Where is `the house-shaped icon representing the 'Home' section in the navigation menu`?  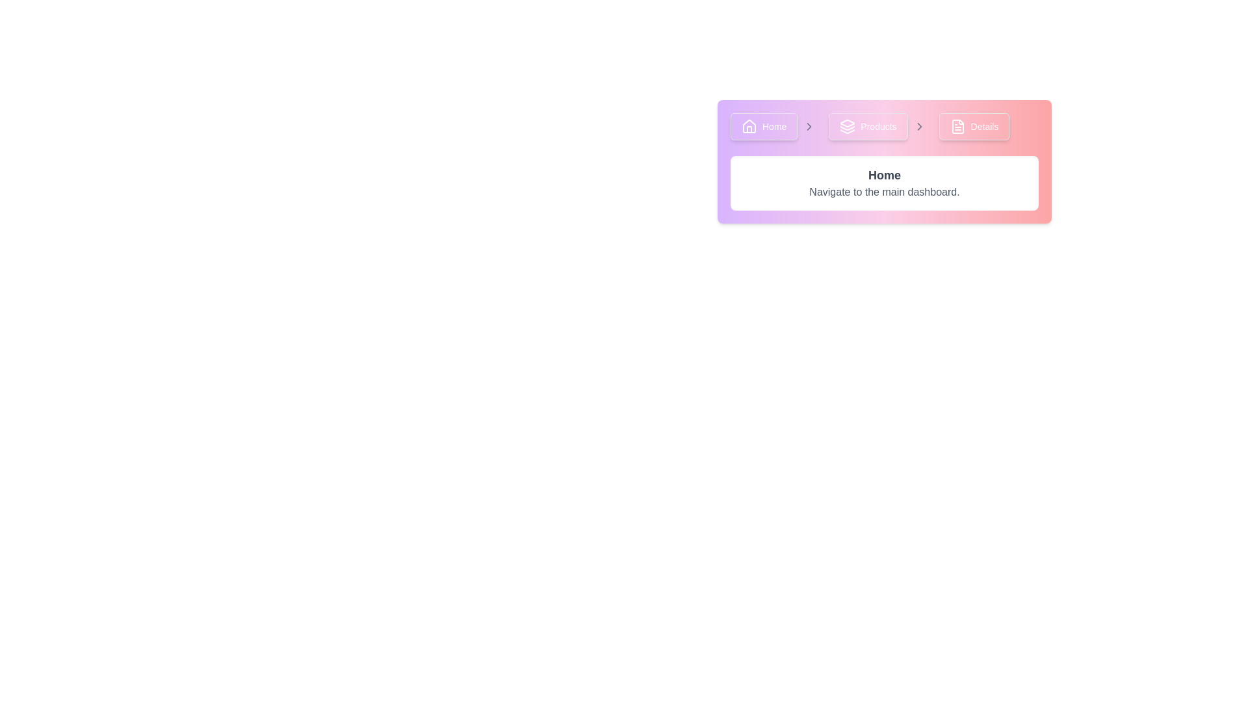
the house-shaped icon representing the 'Home' section in the navigation menu is located at coordinates (749, 127).